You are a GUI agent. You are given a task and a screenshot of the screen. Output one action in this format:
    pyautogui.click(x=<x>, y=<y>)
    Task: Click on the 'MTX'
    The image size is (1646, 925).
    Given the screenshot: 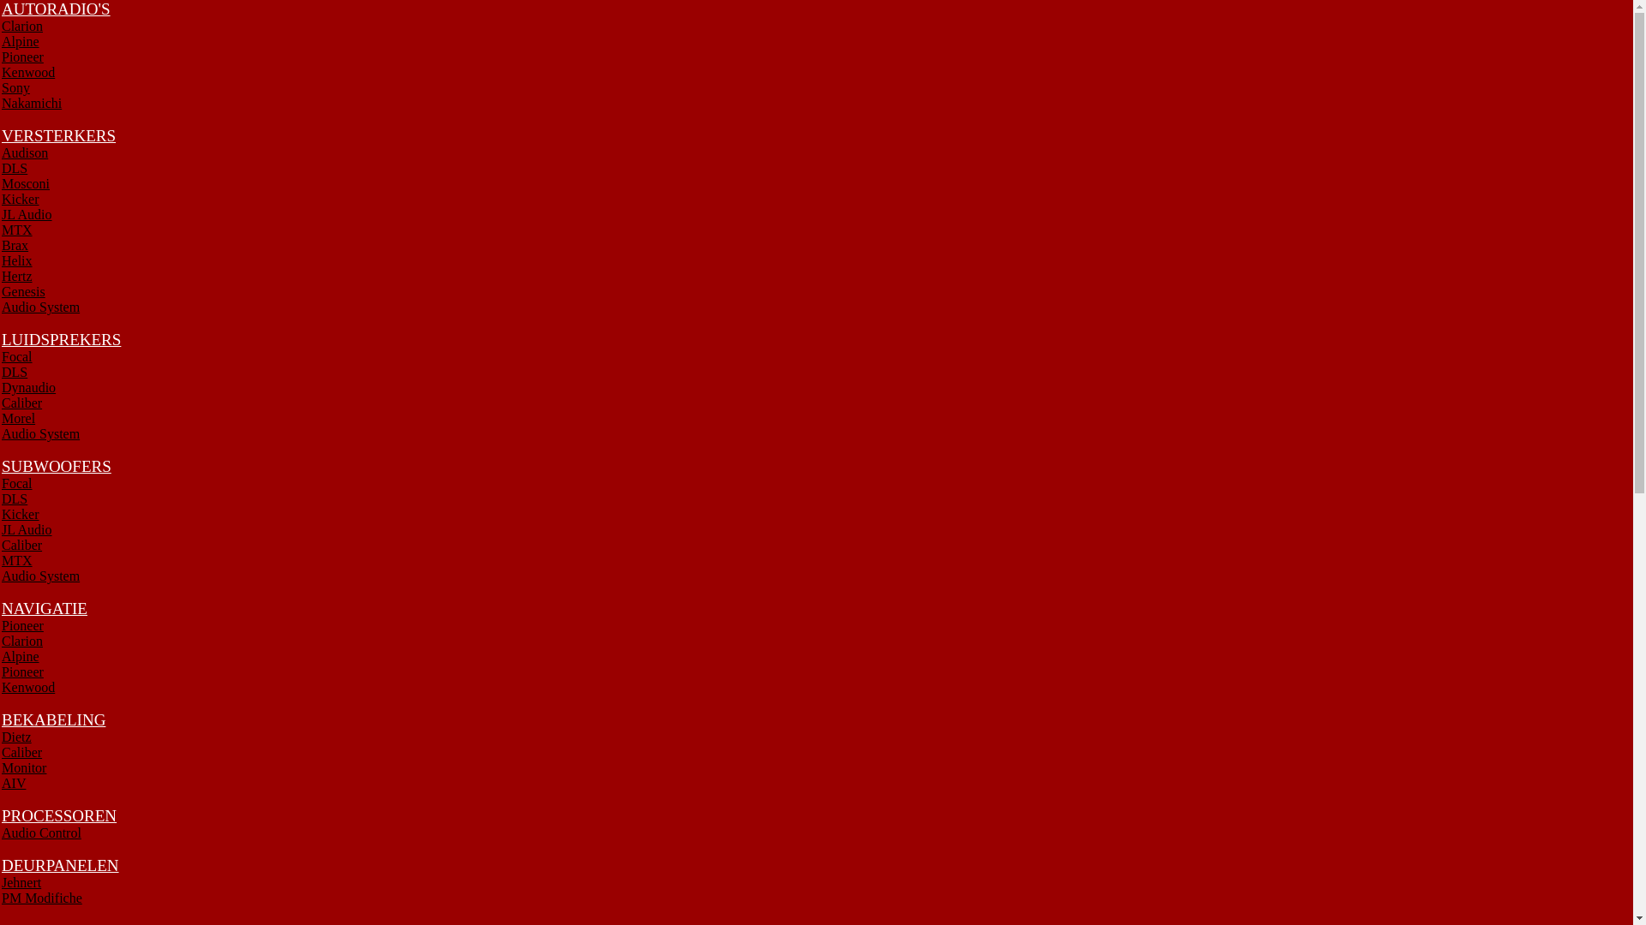 What is the action you would take?
    pyautogui.click(x=1, y=229)
    